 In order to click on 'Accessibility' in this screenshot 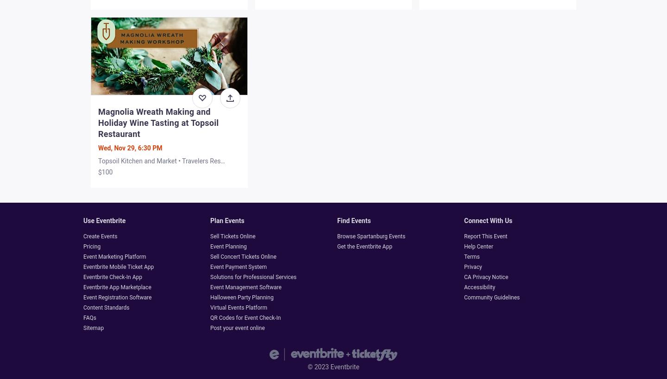, I will do `click(479, 286)`.